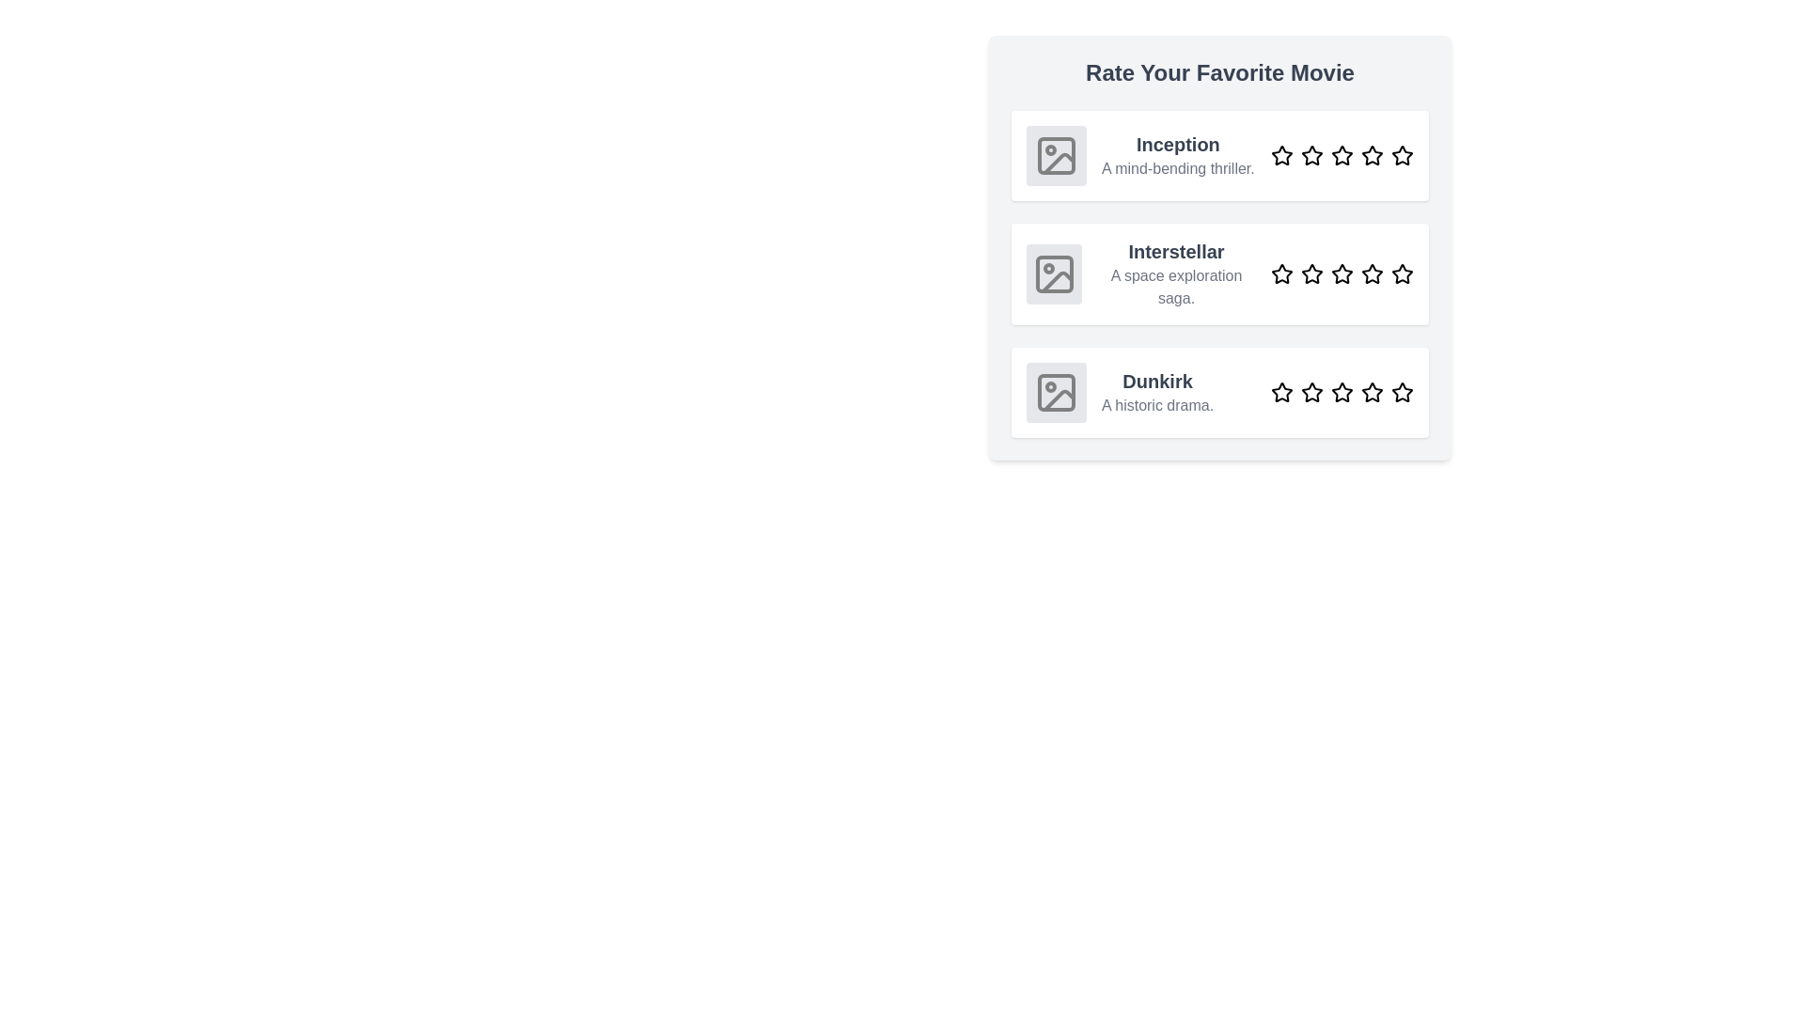 The width and height of the screenshot is (1805, 1015). I want to click on the text label providing additional information about the movie 'Dunkirk', which categorizes it as a historic drama, located below the title in the movie rating section, so click(1156, 405).